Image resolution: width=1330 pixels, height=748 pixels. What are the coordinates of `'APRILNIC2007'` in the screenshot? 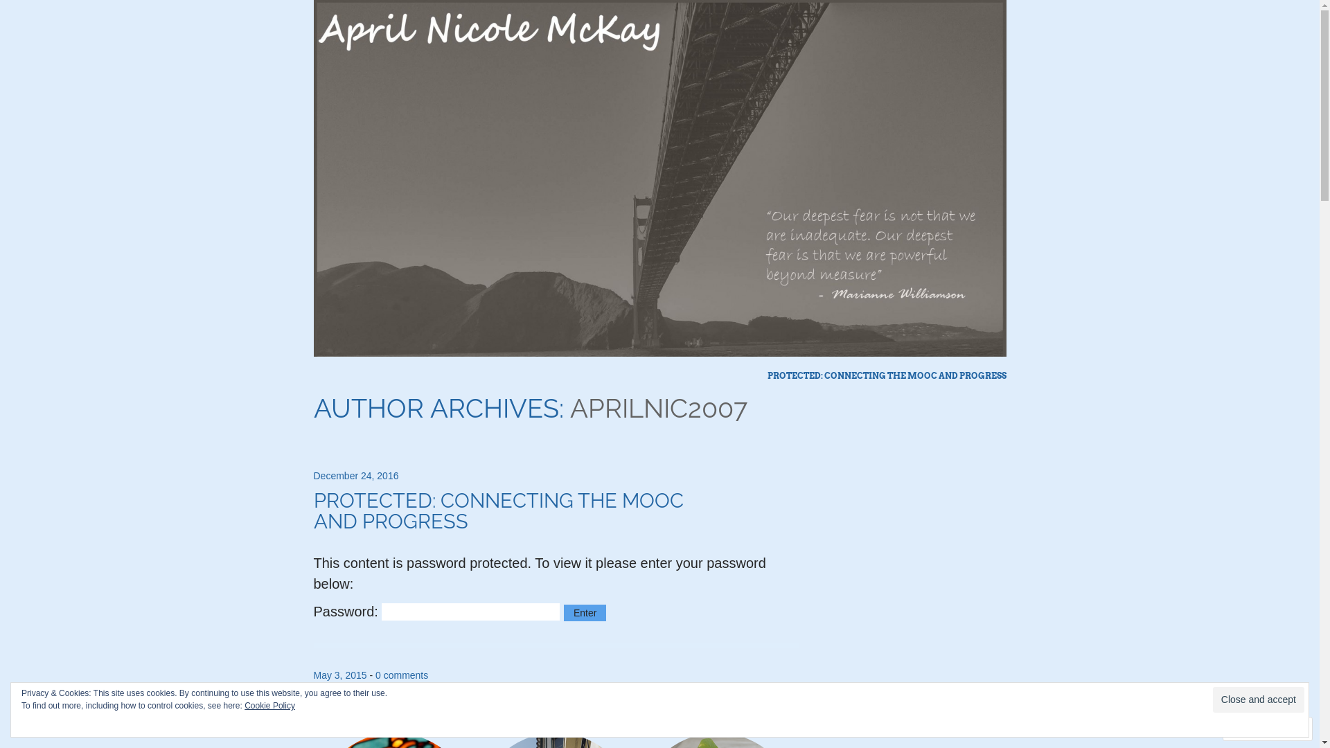 It's located at (569, 407).